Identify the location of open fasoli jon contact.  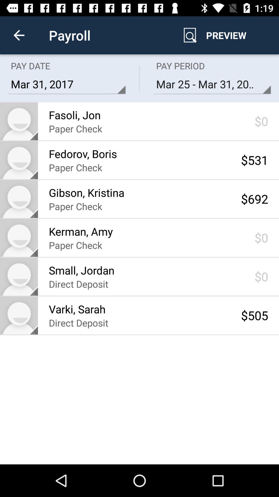
(19, 121).